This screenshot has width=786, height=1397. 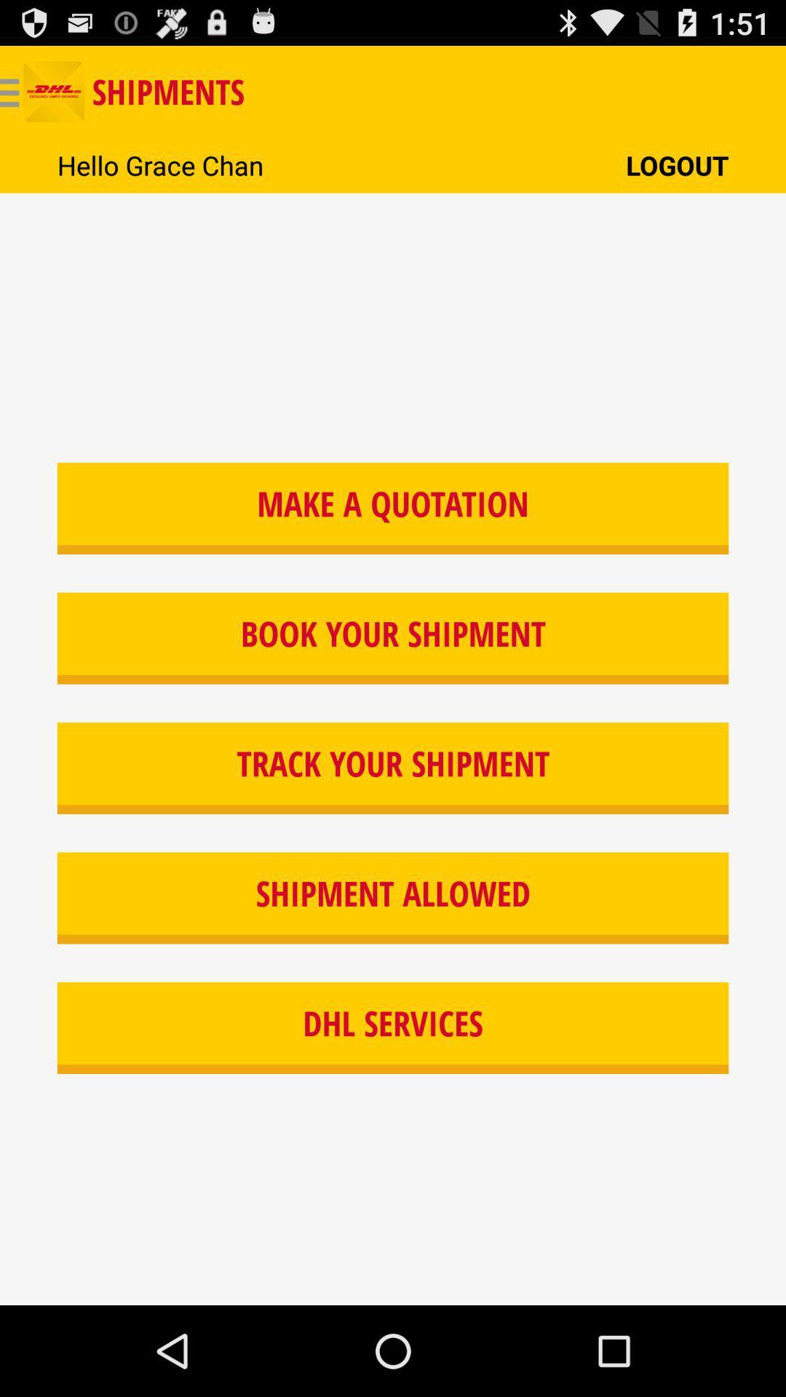 I want to click on the icon below track your shipment button, so click(x=393, y=897).